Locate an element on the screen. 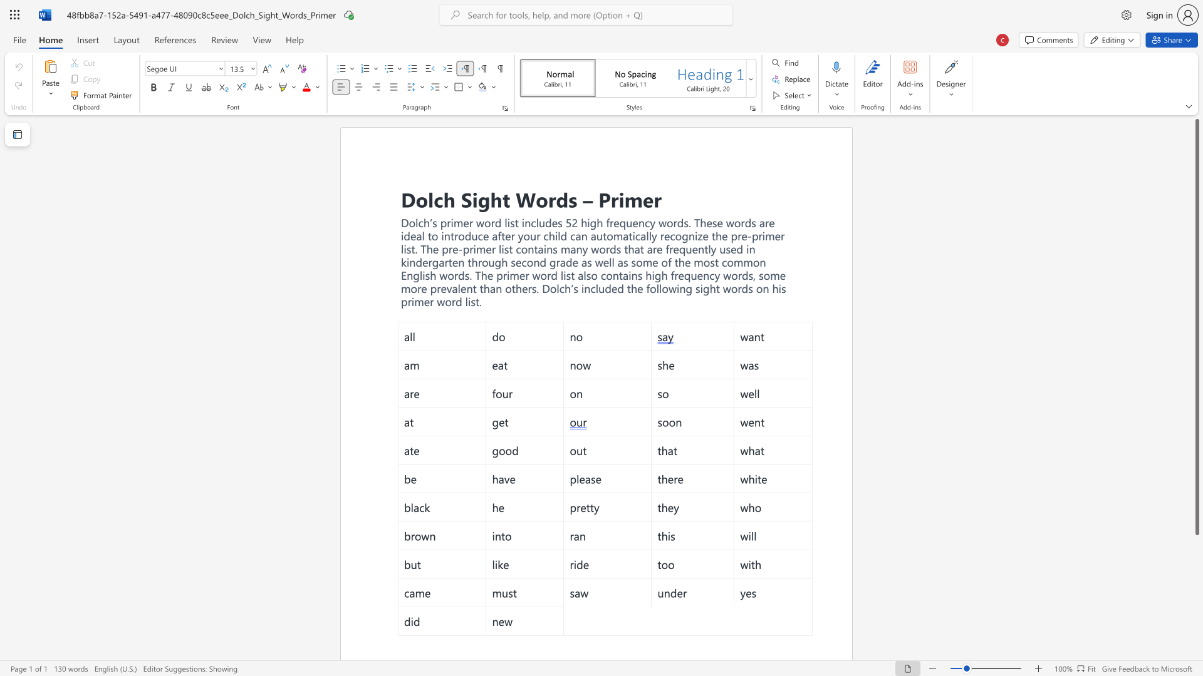  the 4th character "i" in the text is located at coordinates (779, 288).